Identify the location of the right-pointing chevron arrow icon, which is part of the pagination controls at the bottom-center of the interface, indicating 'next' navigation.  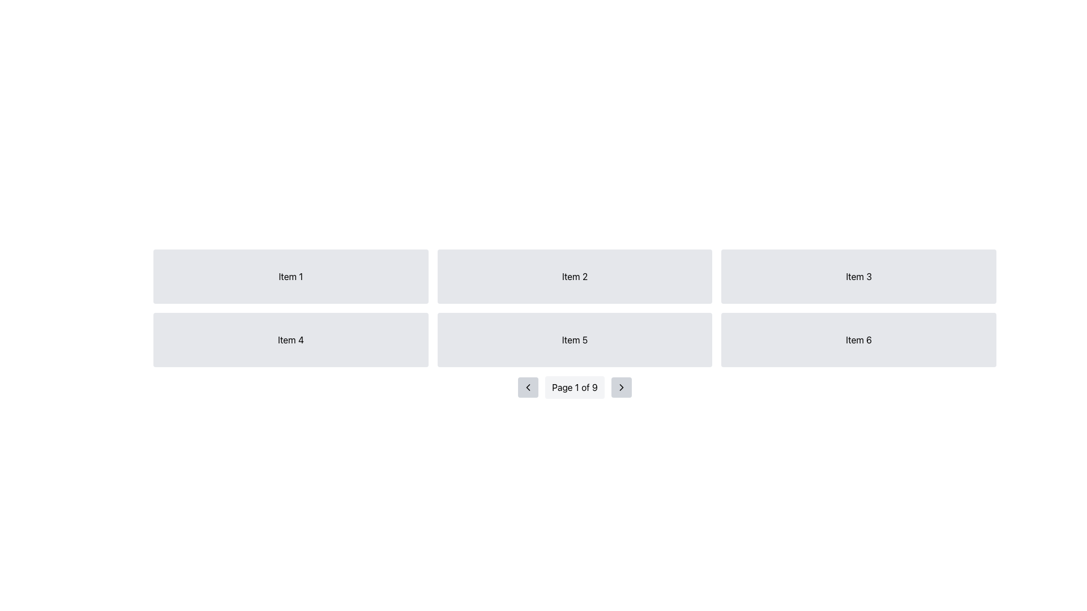
(620, 387).